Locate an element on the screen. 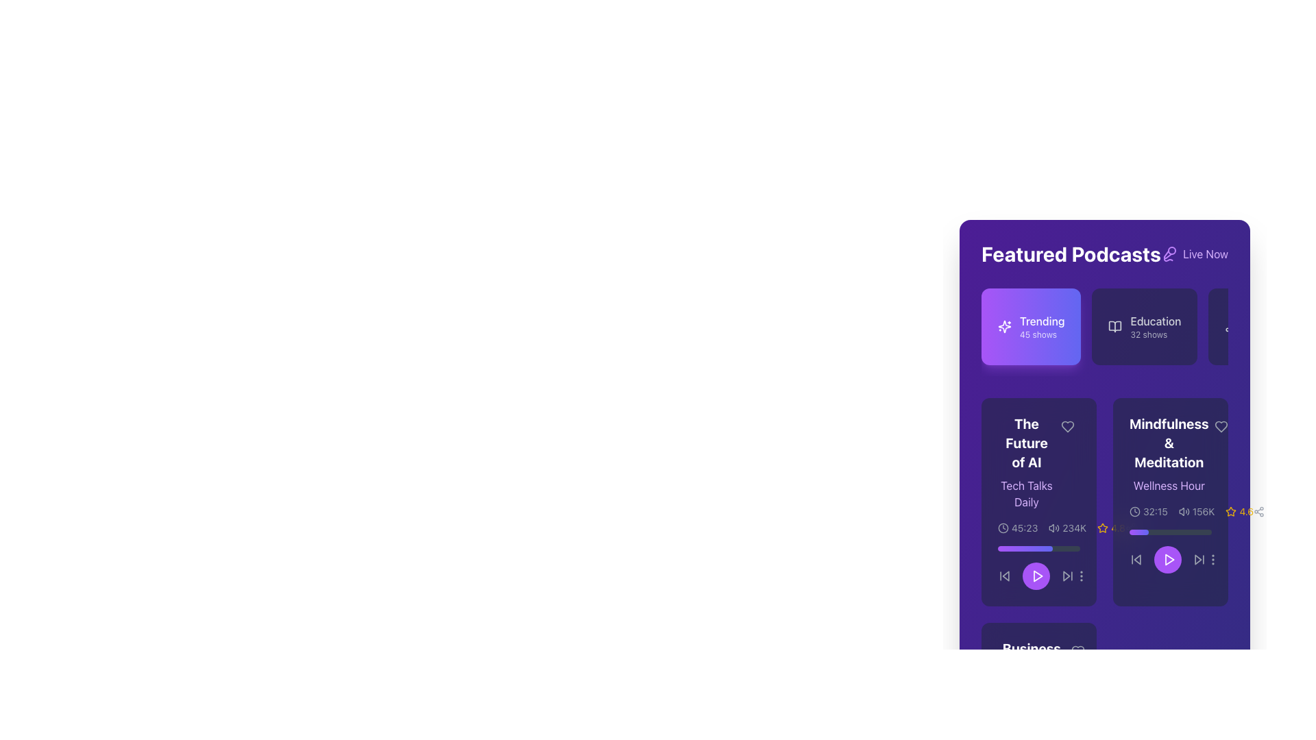 This screenshot has width=1316, height=740. the rating indicator, which is a hollow star icon with a yellow outline and a numerical rating of '4.8', located at the bottom of the 'Mindfulness & Meditation' box, to the right of the play button is located at coordinates (1111, 528).